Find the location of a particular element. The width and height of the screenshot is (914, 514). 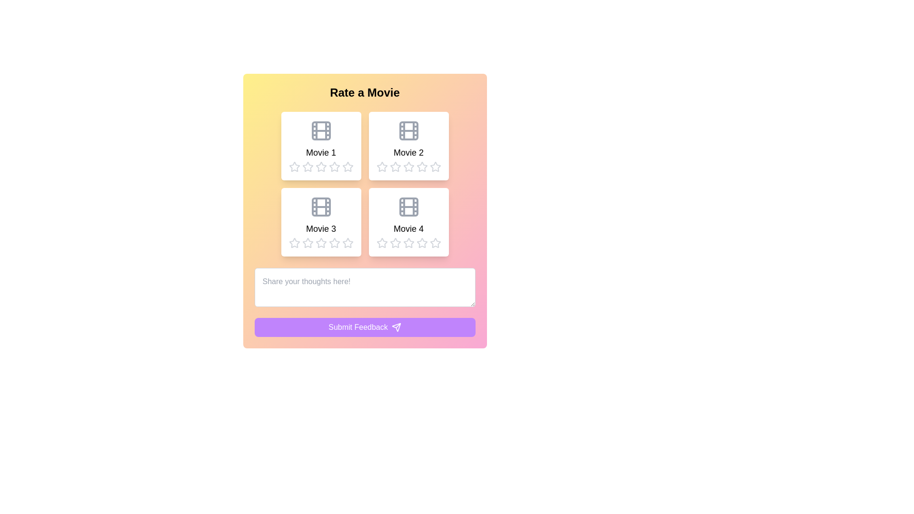

the fourth rating star icon for 'Movie 4' is located at coordinates (408, 242).